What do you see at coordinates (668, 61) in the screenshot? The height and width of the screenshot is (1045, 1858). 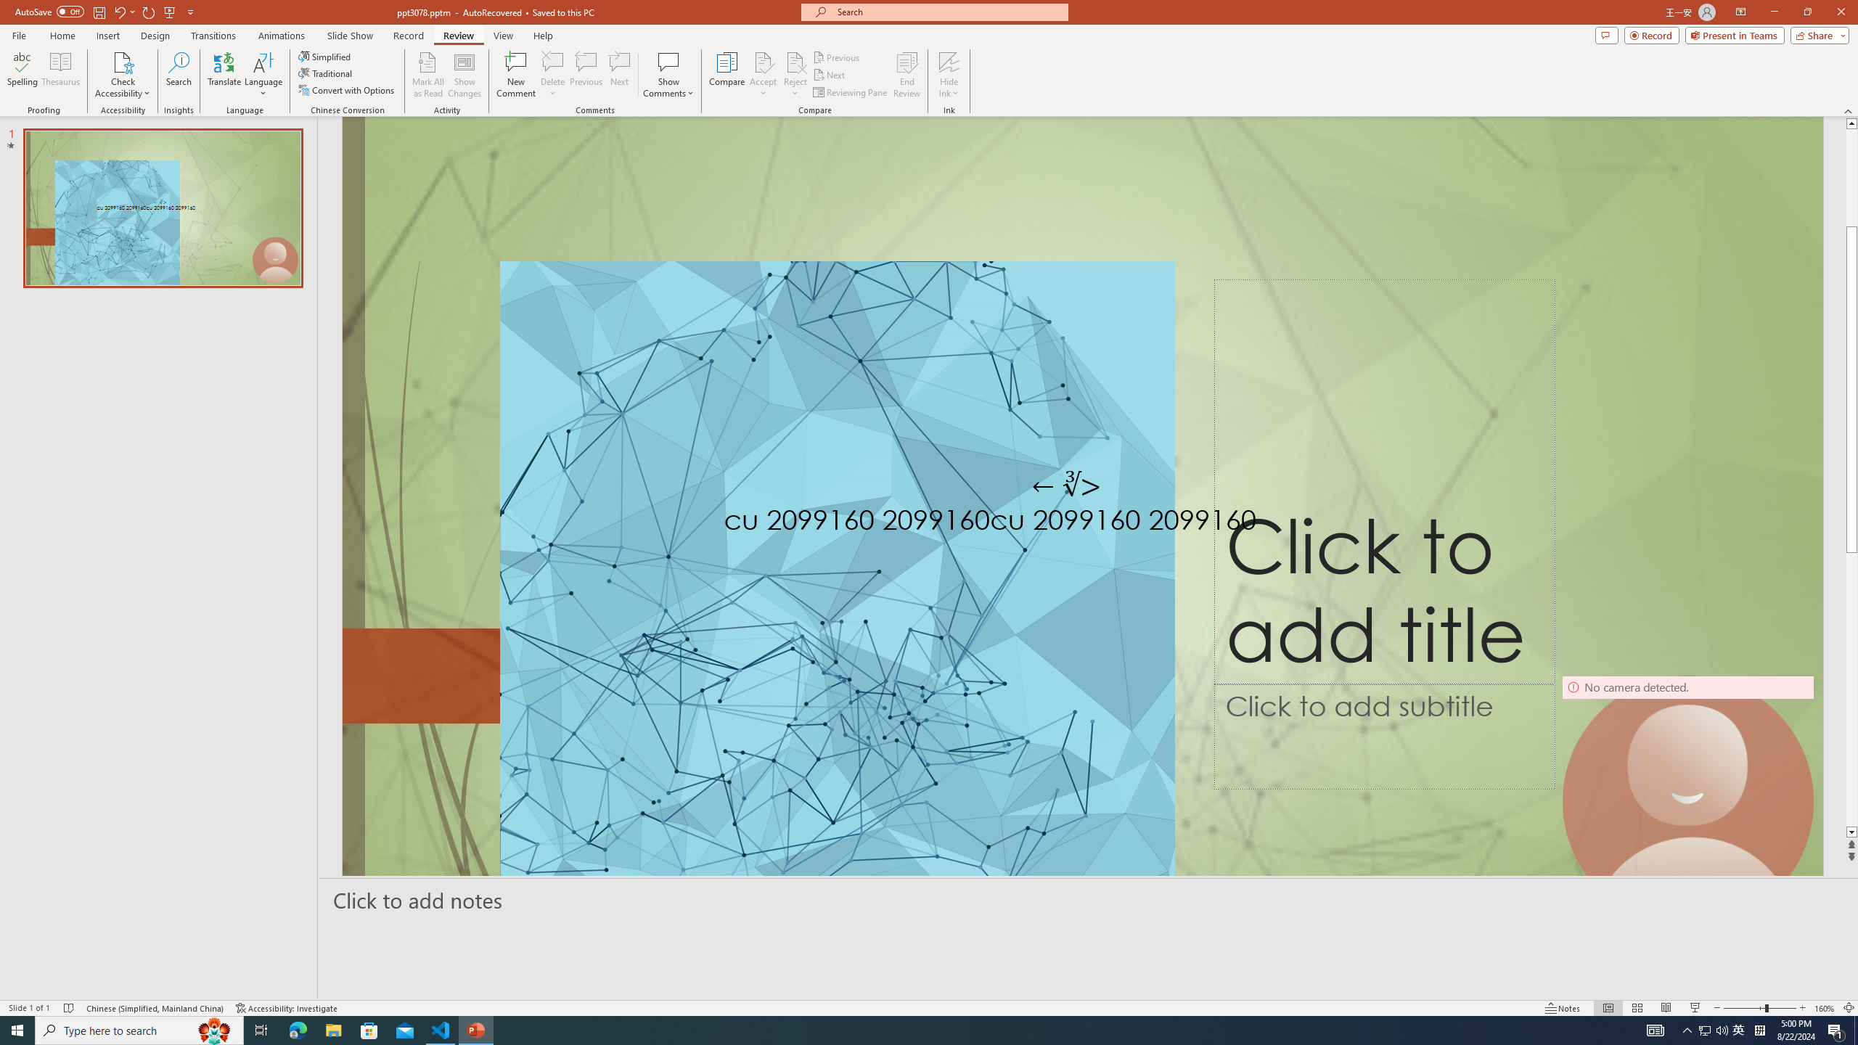 I see `'Show Comments'` at bounding box center [668, 61].